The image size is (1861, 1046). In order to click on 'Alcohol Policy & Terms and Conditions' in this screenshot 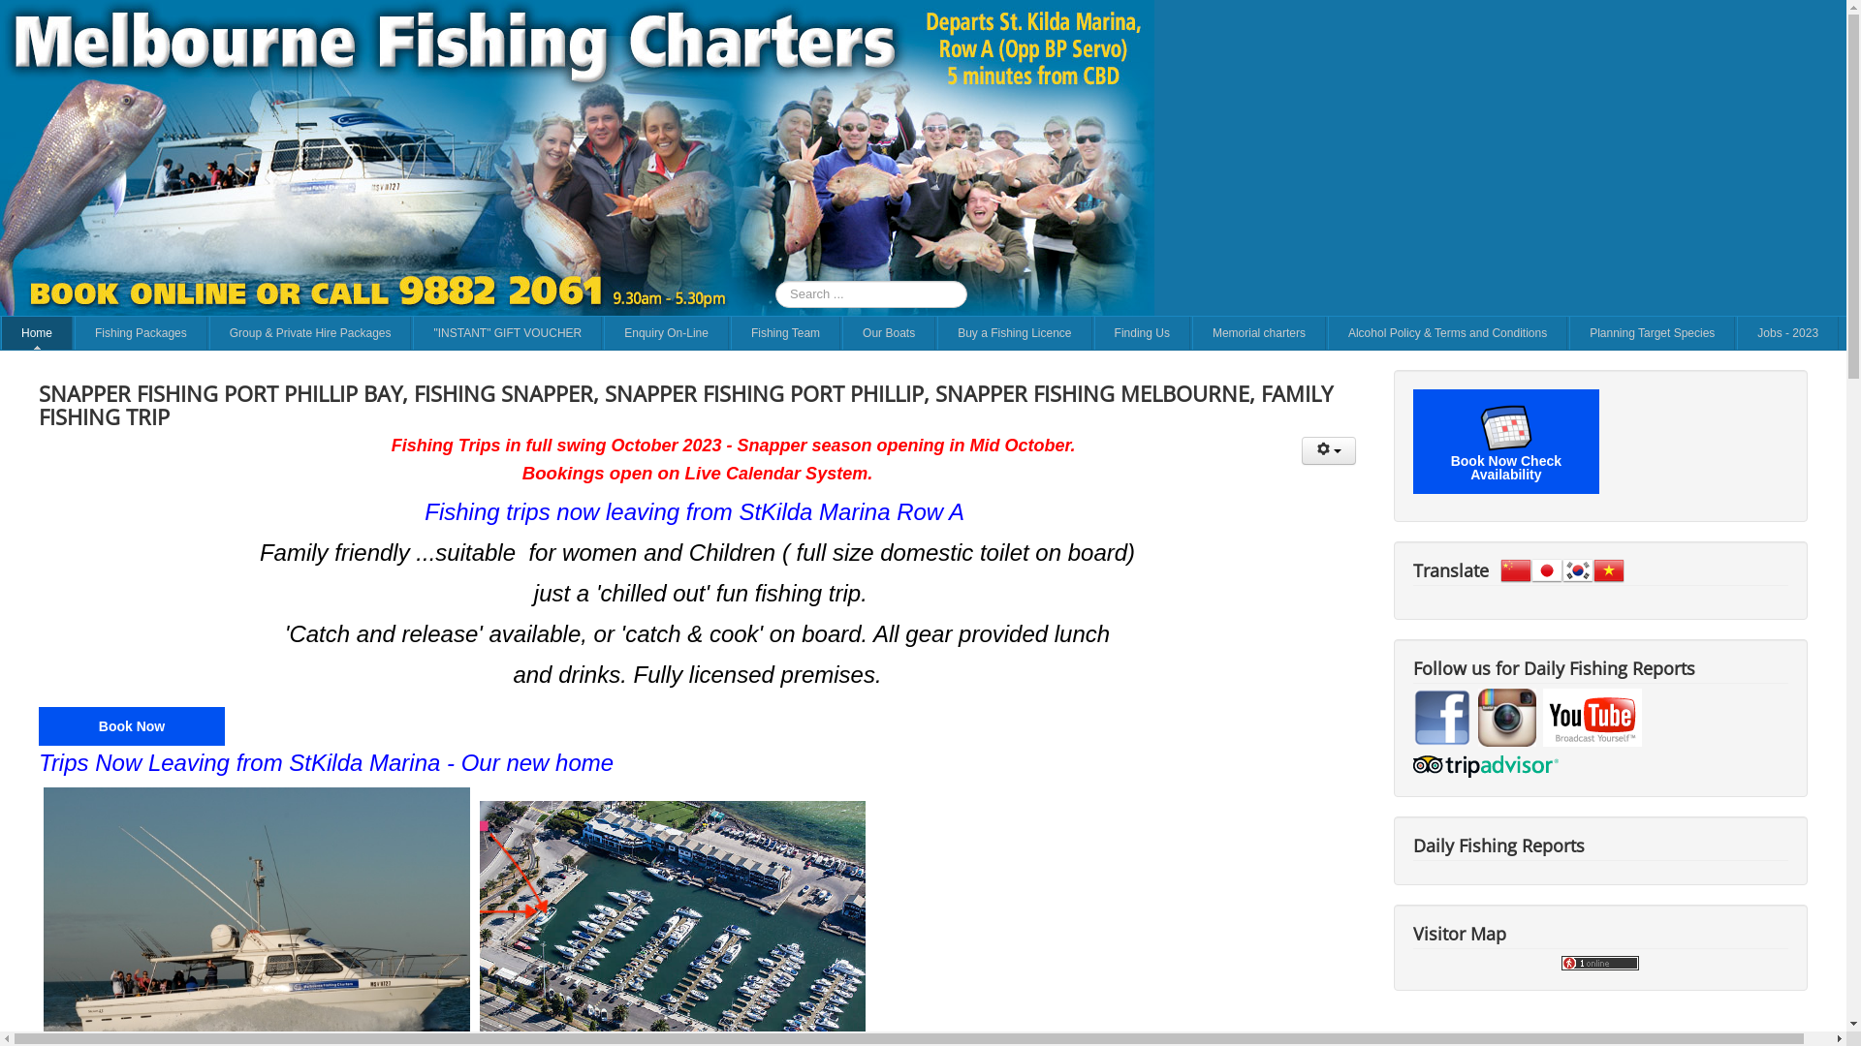, I will do `click(1447, 331)`.